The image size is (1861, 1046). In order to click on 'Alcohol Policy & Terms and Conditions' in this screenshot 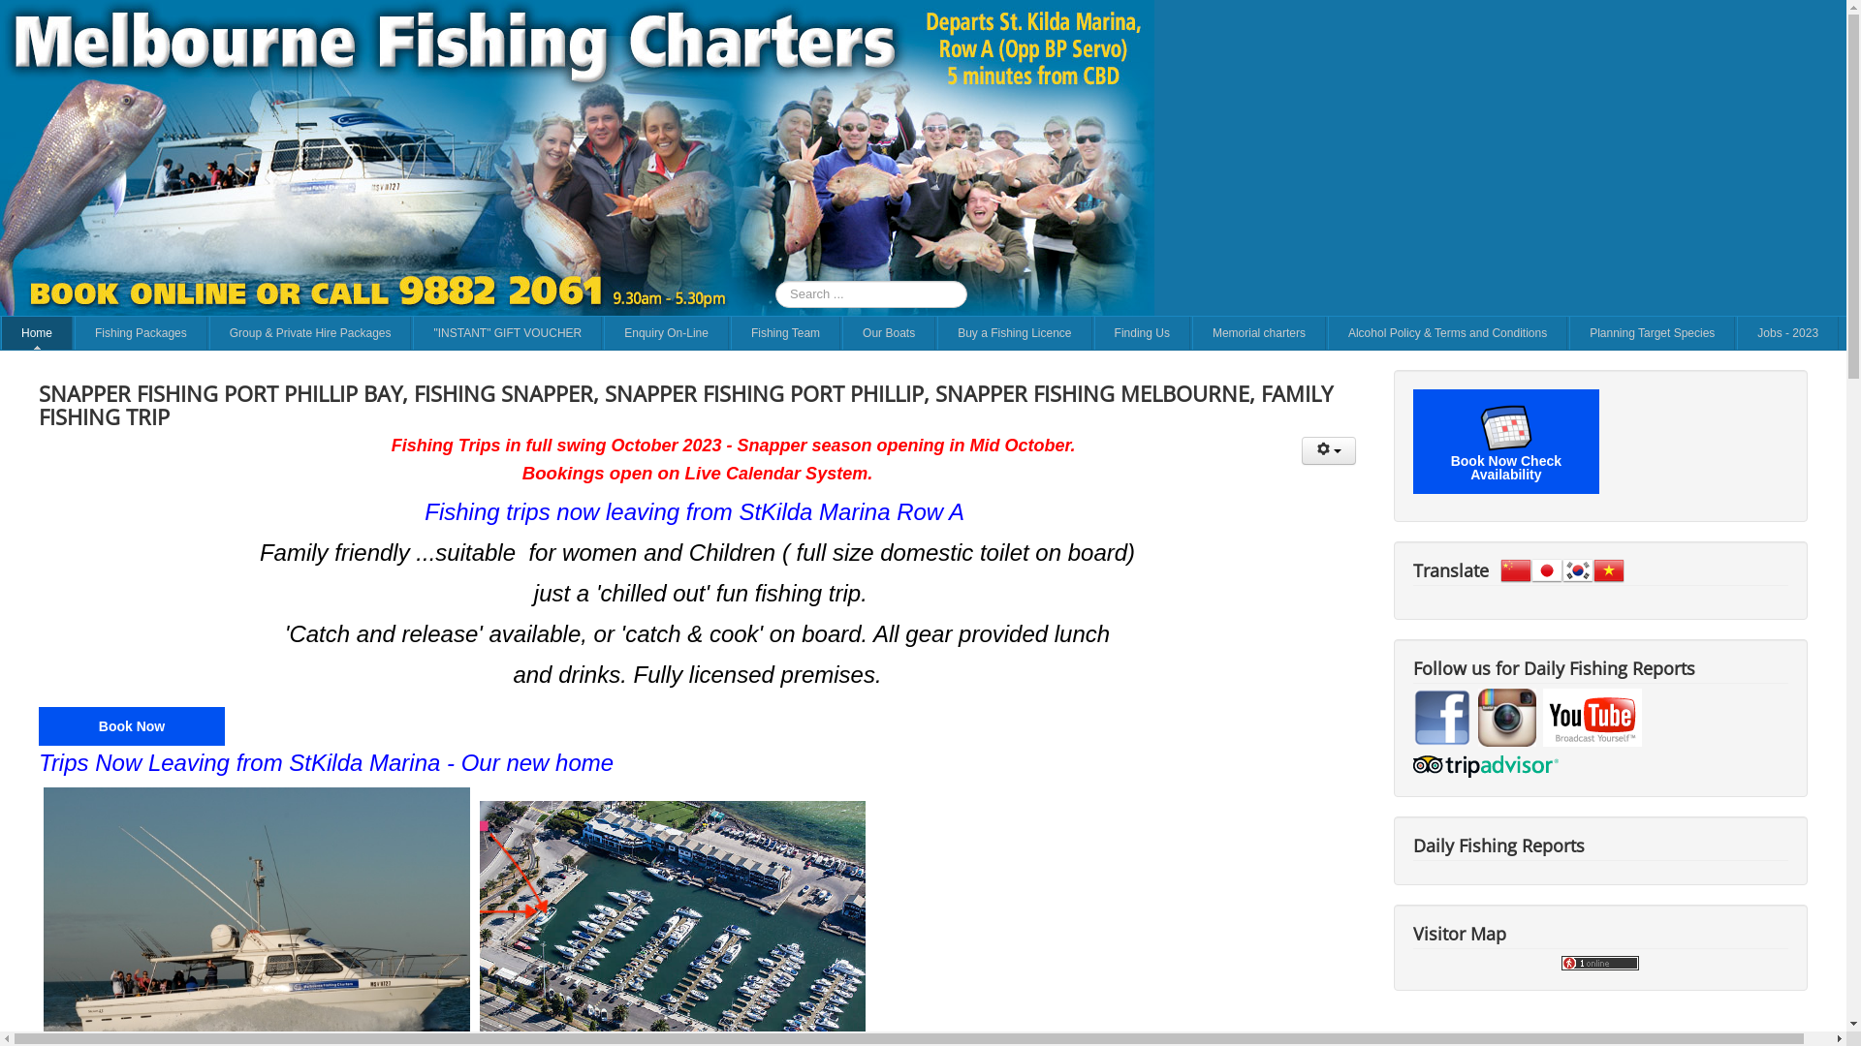, I will do `click(1447, 331)`.